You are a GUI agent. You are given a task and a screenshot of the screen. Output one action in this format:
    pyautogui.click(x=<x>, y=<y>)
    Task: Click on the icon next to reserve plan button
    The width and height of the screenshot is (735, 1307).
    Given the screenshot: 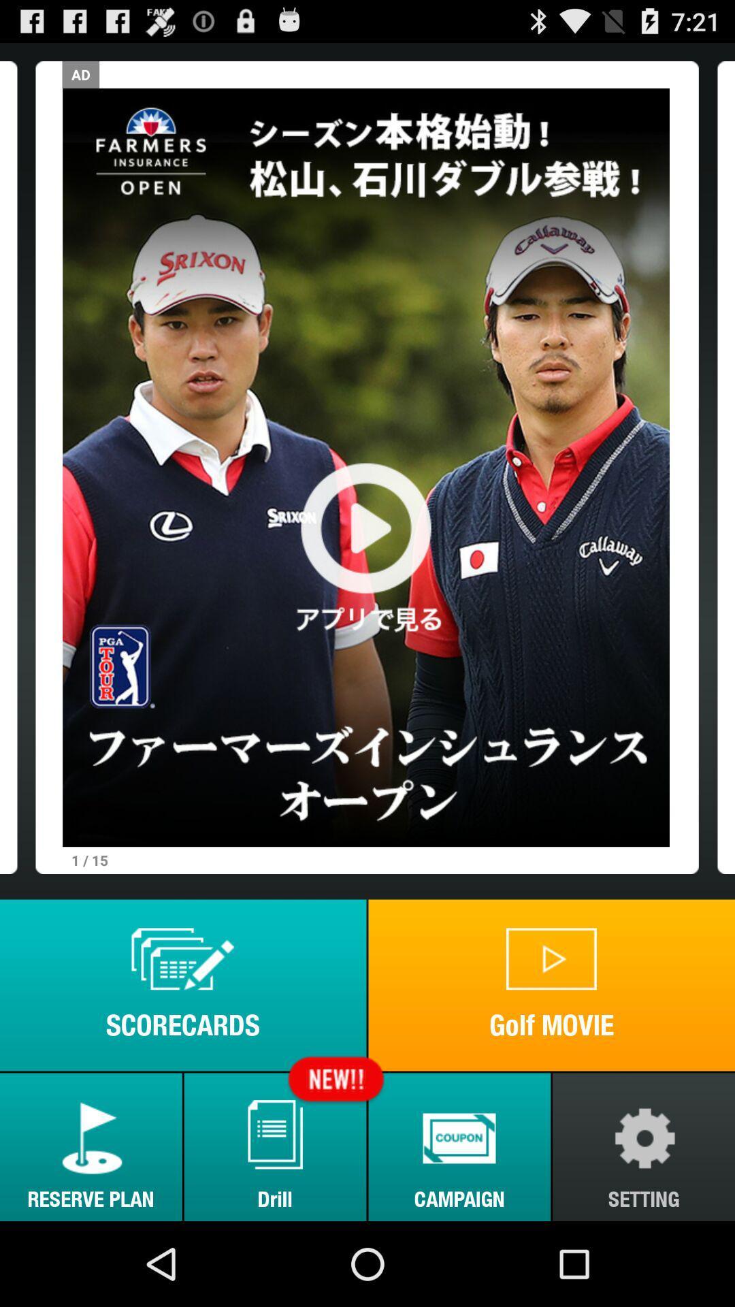 What is the action you would take?
    pyautogui.click(x=275, y=1146)
    